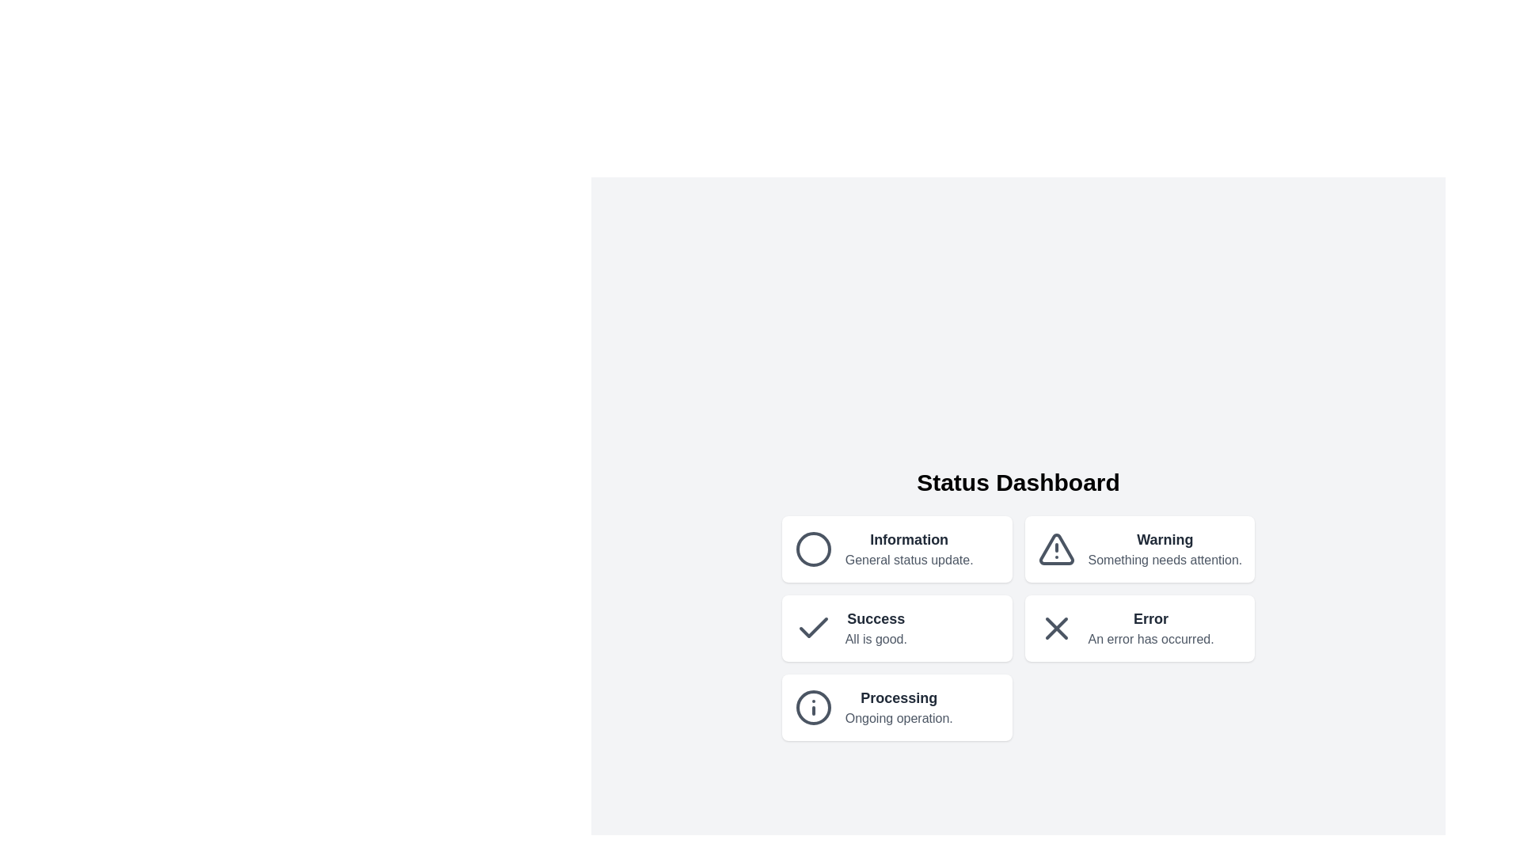  Describe the element at coordinates (1140, 549) in the screenshot. I see `the second card in the first row of the grid layout, which contains a warning triangle icon and the title 'Warning' in bold, indicating that 'Something needs attention.'` at that location.